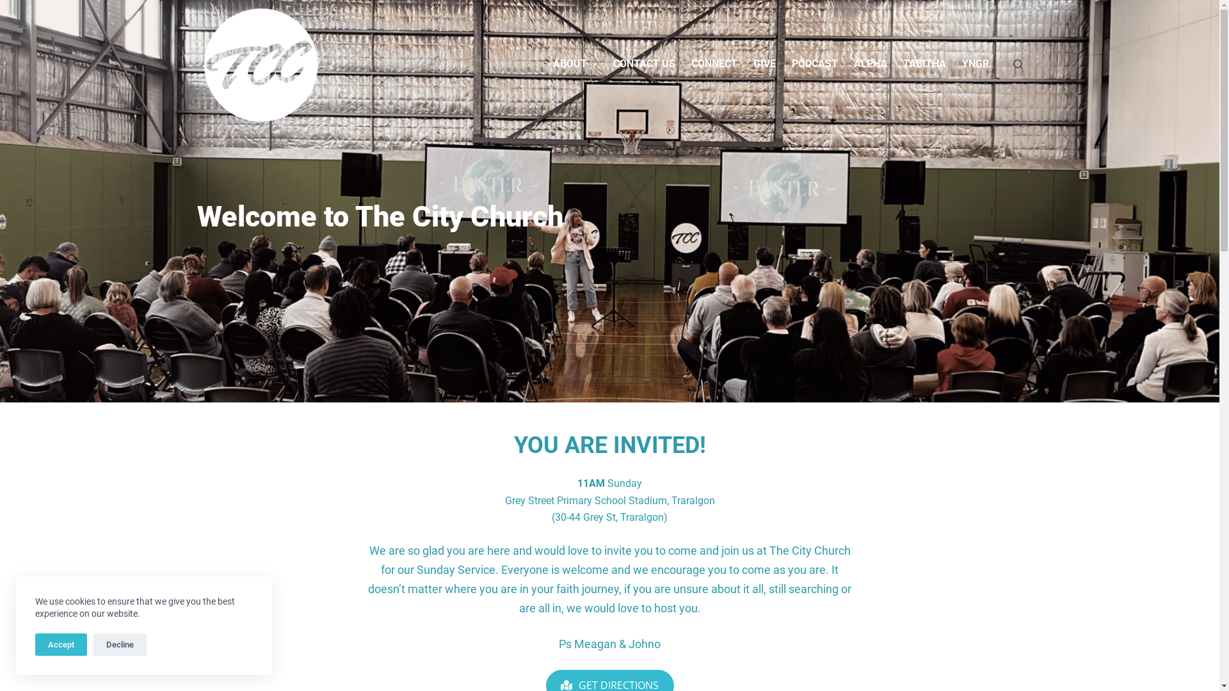  What do you see at coordinates (924, 64) in the screenshot?
I see `'TABITHA'` at bounding box center [924, 64].